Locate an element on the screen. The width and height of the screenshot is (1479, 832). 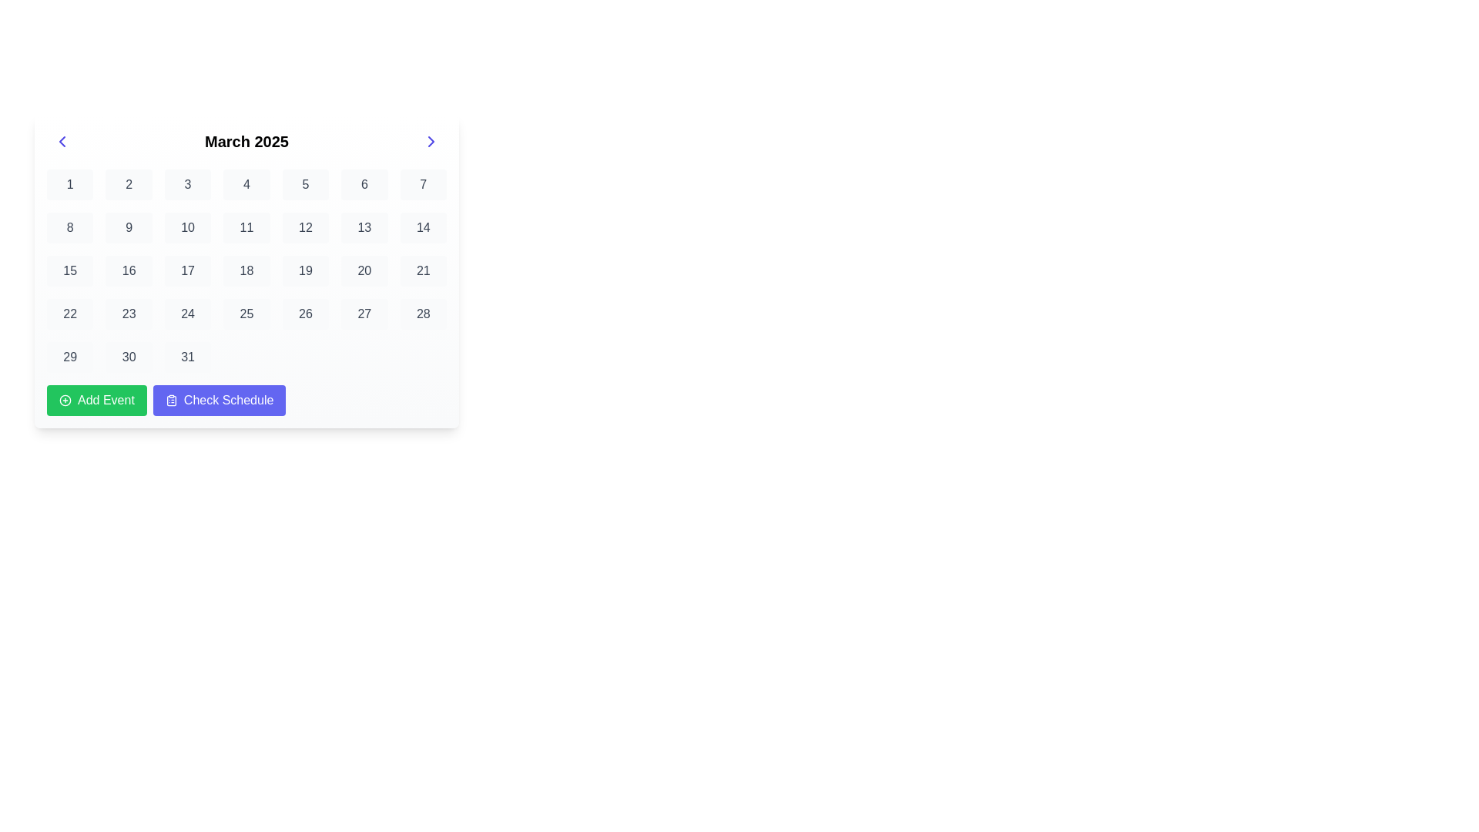
the Calendar Day Cell representing the day number 31, located at the bottom-right corner of the calendar grid is located at coordinates (187, 357).